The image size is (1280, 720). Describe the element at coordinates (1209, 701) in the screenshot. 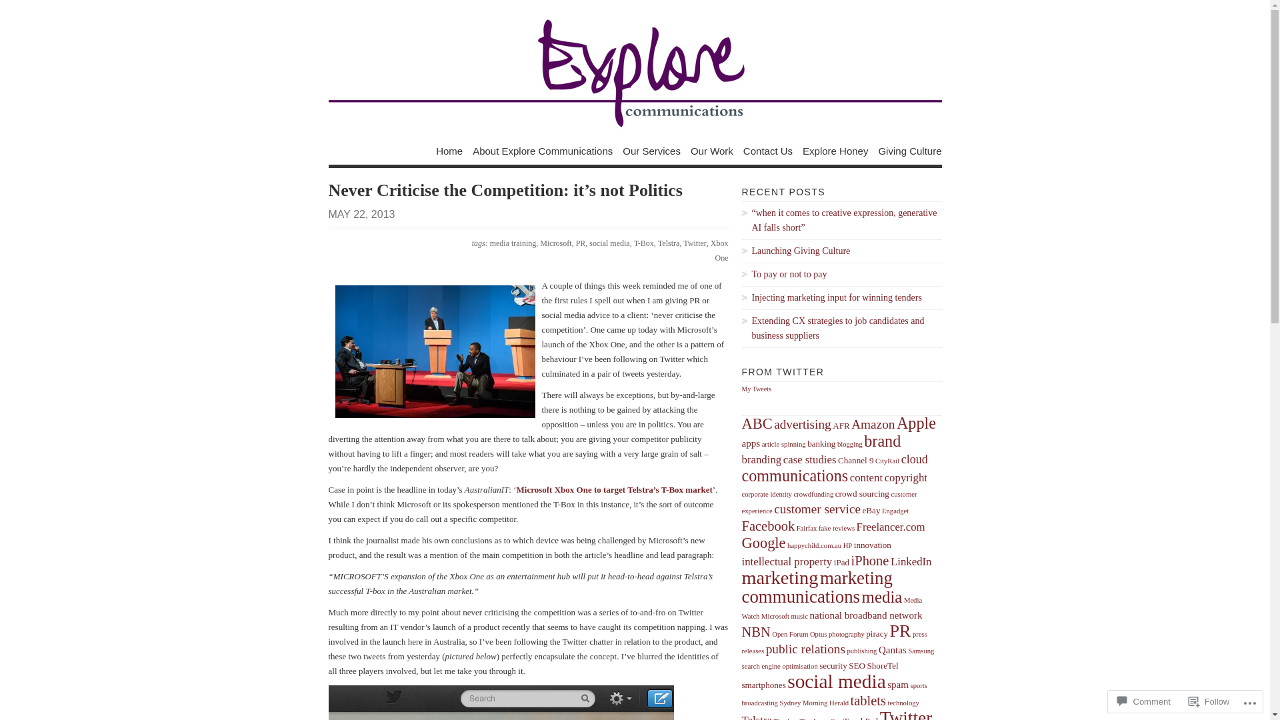

I see `'Follow'` at that location.